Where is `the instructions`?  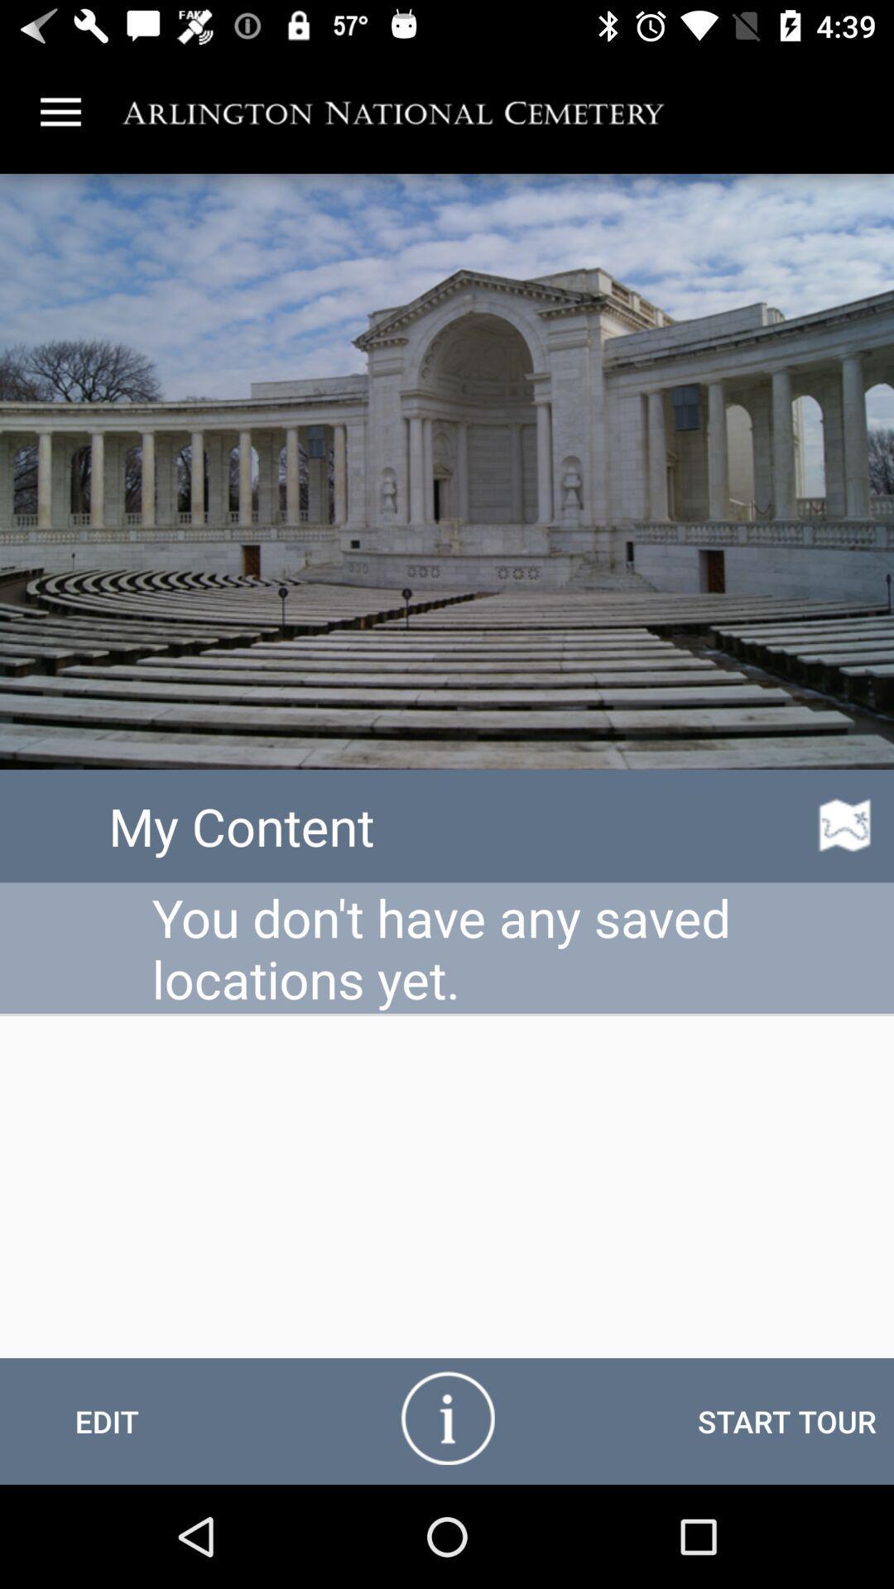 the instructions is located at coordinates (447, 1416).